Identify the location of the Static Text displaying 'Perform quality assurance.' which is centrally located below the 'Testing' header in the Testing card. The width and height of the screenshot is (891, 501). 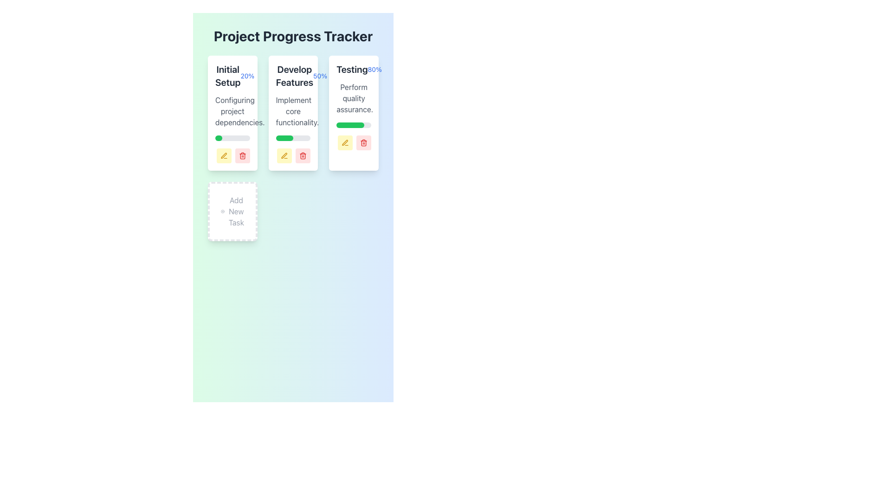
(353, 98).